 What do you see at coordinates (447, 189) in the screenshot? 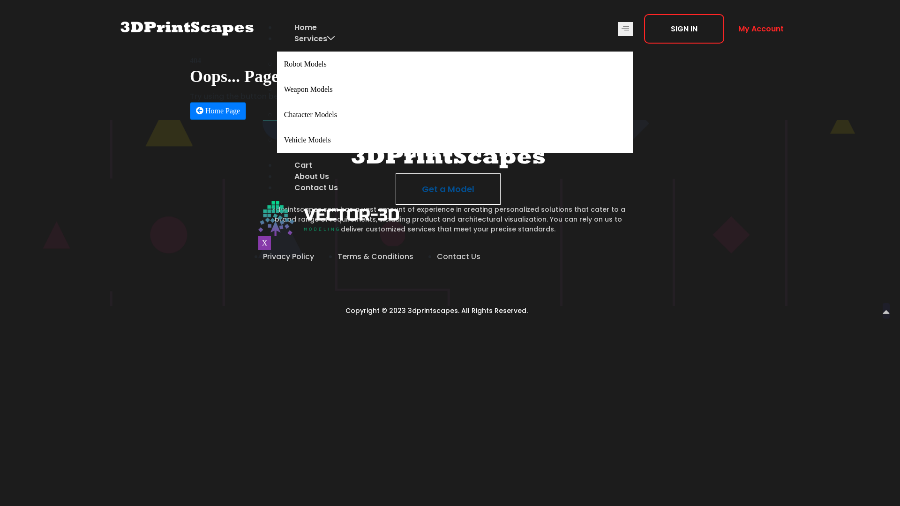
I see `'Get a Model'` at bounding box center [447, 189].